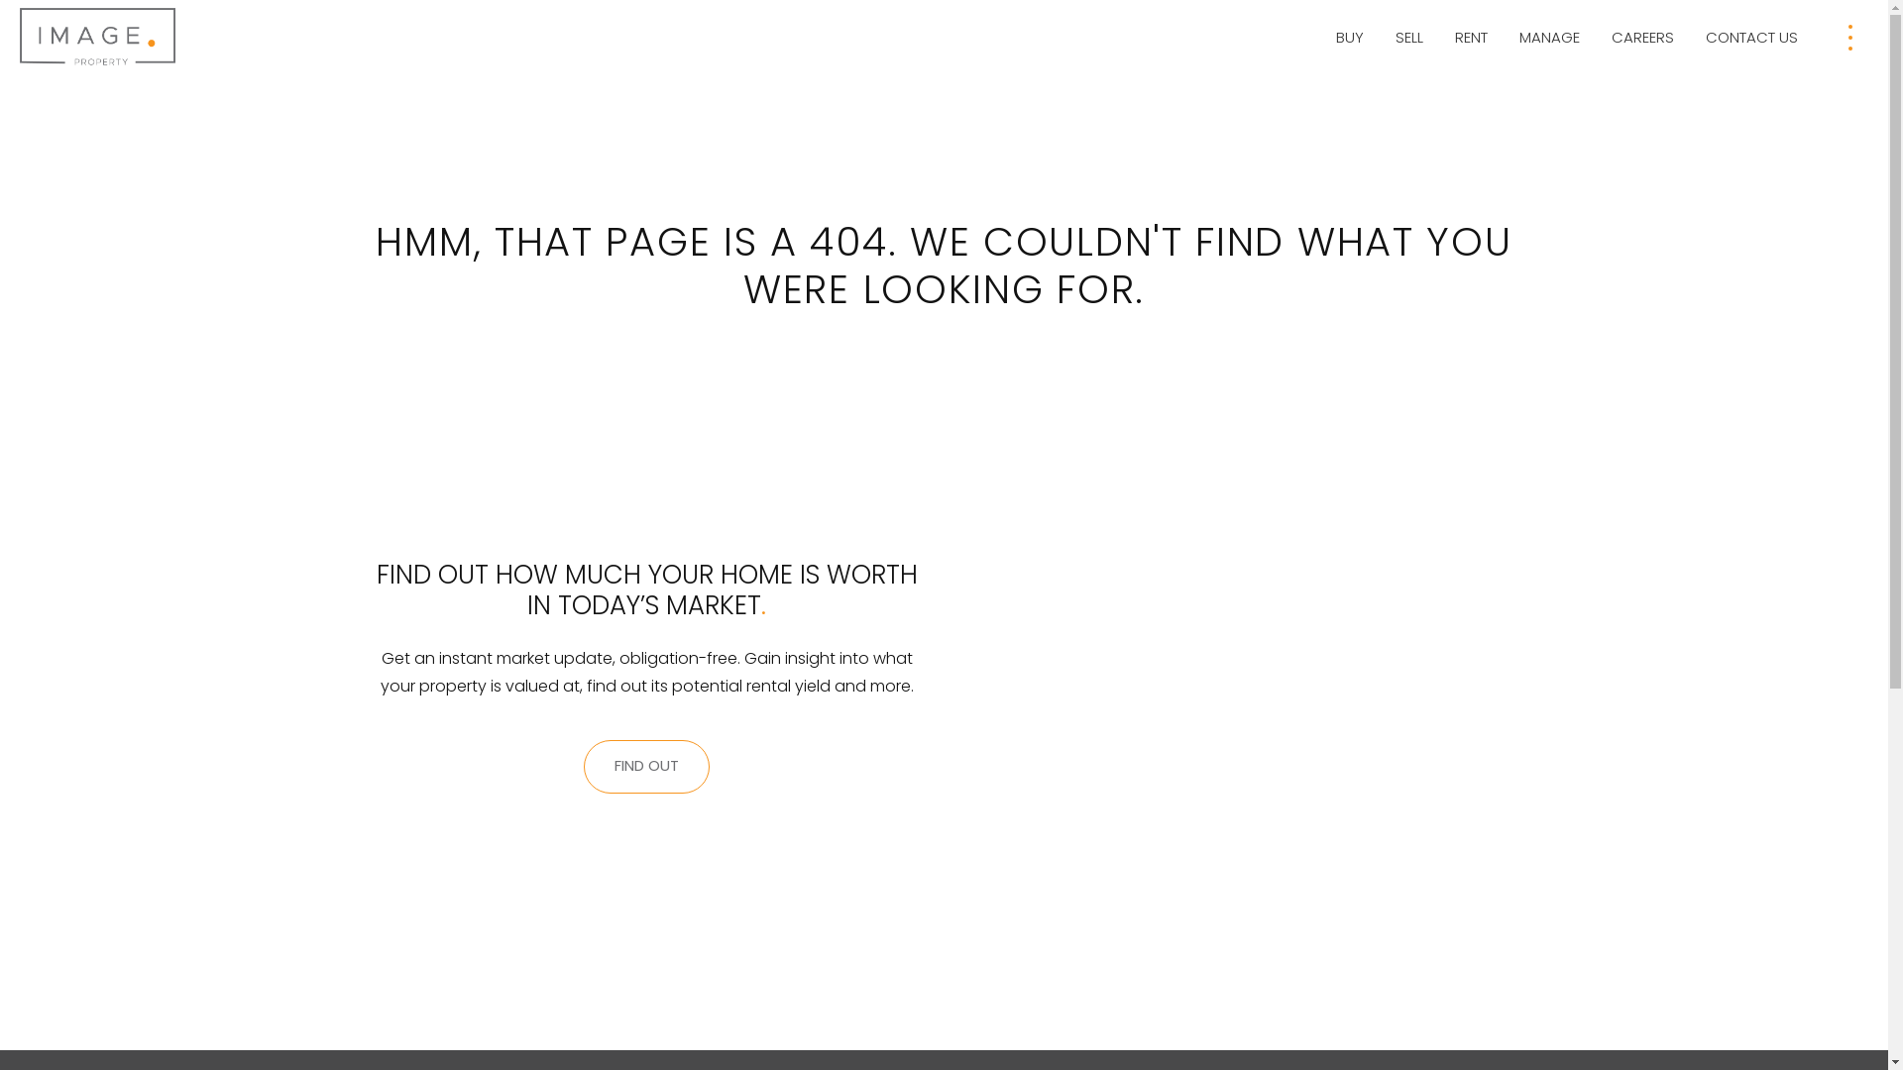 The width and height of the screenshot is (1903, 1070). I want to click on 'CONTACT US', so click(1697, 38).